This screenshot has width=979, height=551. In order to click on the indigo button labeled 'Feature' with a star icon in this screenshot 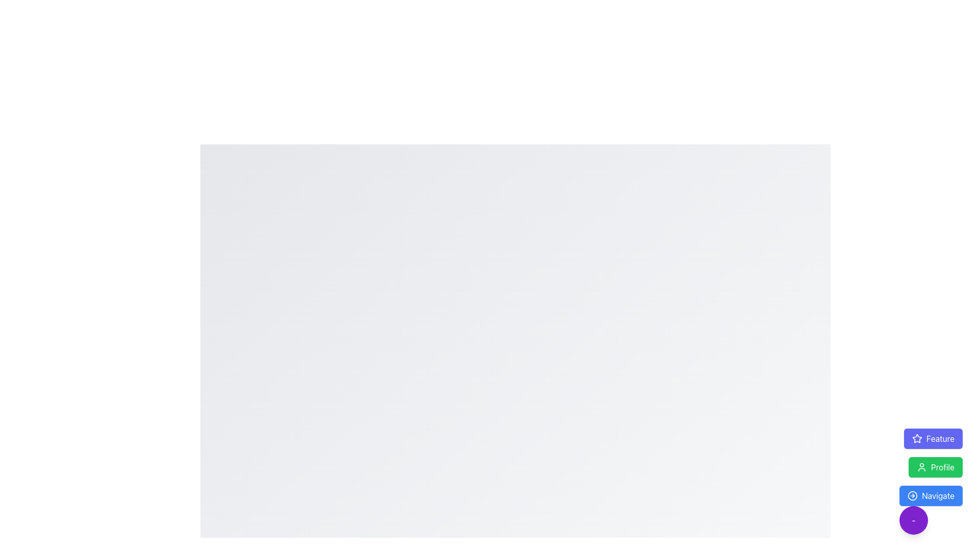, I will do `click(933, 438)`.